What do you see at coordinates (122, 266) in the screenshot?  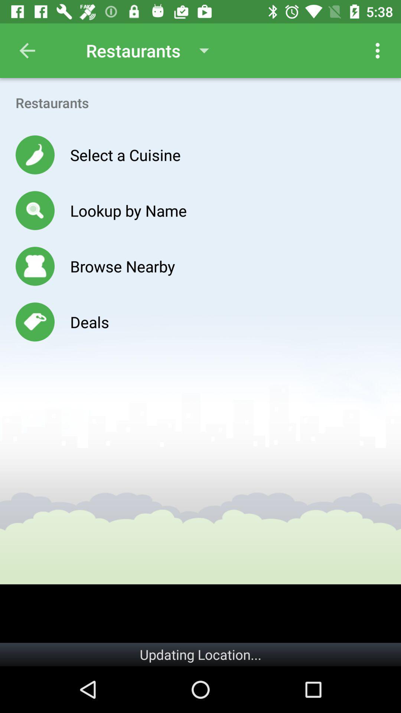 I see `the item below the lookup by name icon` at bounding box center [122, 266].